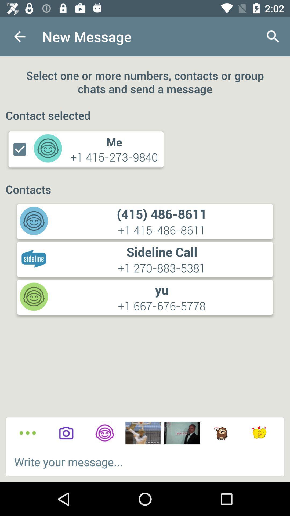 The width and height of the screenshot is (290, 516). Describe the element at coordinates (145, 461) in the screenshot. I see `write mensage` at that location.